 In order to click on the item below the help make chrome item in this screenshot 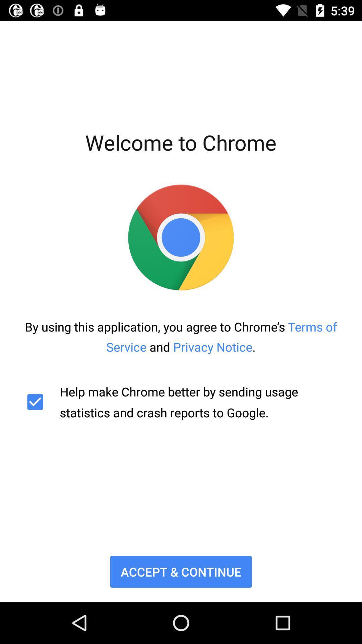, I will do `click(181, 571)`.